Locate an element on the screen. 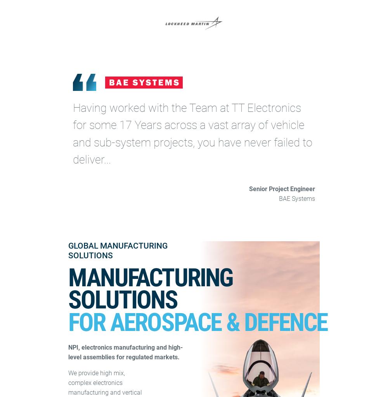 This screenshot has height=397, width=388. 'By submitting this form you're giving us permission to email you
          about updates, news, event and products. For more information
          check out our privacy policy' is located at coordinates (70, 183).